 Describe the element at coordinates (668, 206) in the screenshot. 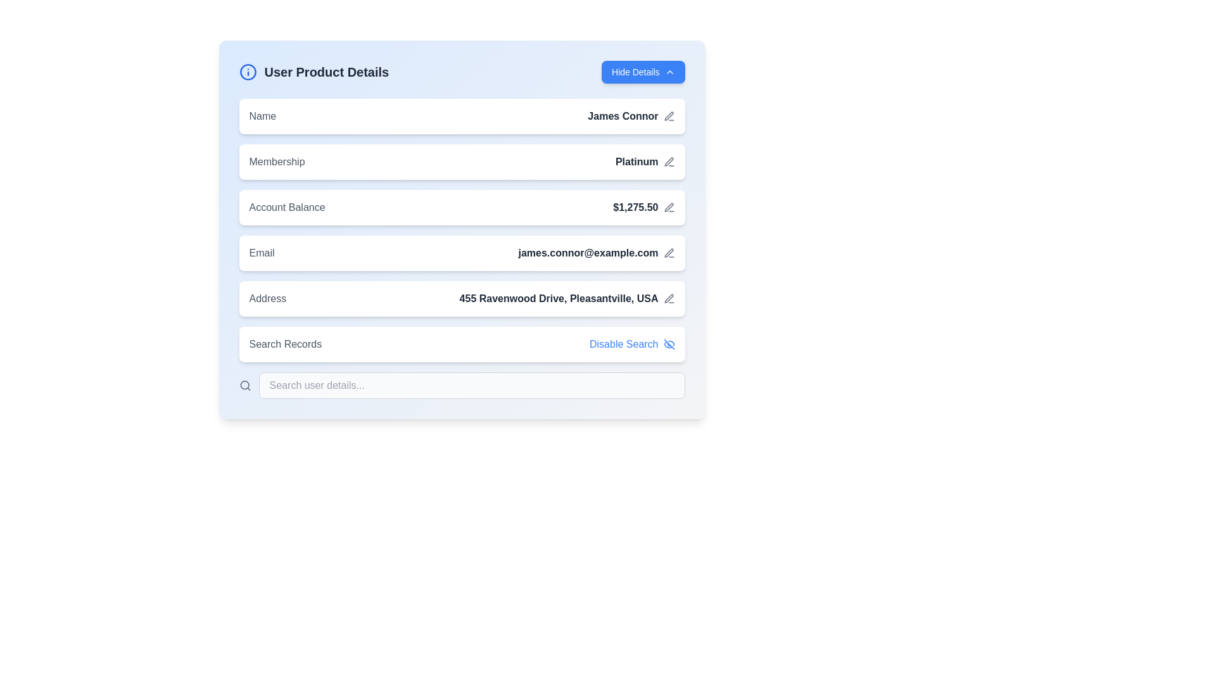

I see `the pen icon located to the right of the '$1,275.50' value in the 'Account Balance' row to initiate an edit for the account balance` at that location.